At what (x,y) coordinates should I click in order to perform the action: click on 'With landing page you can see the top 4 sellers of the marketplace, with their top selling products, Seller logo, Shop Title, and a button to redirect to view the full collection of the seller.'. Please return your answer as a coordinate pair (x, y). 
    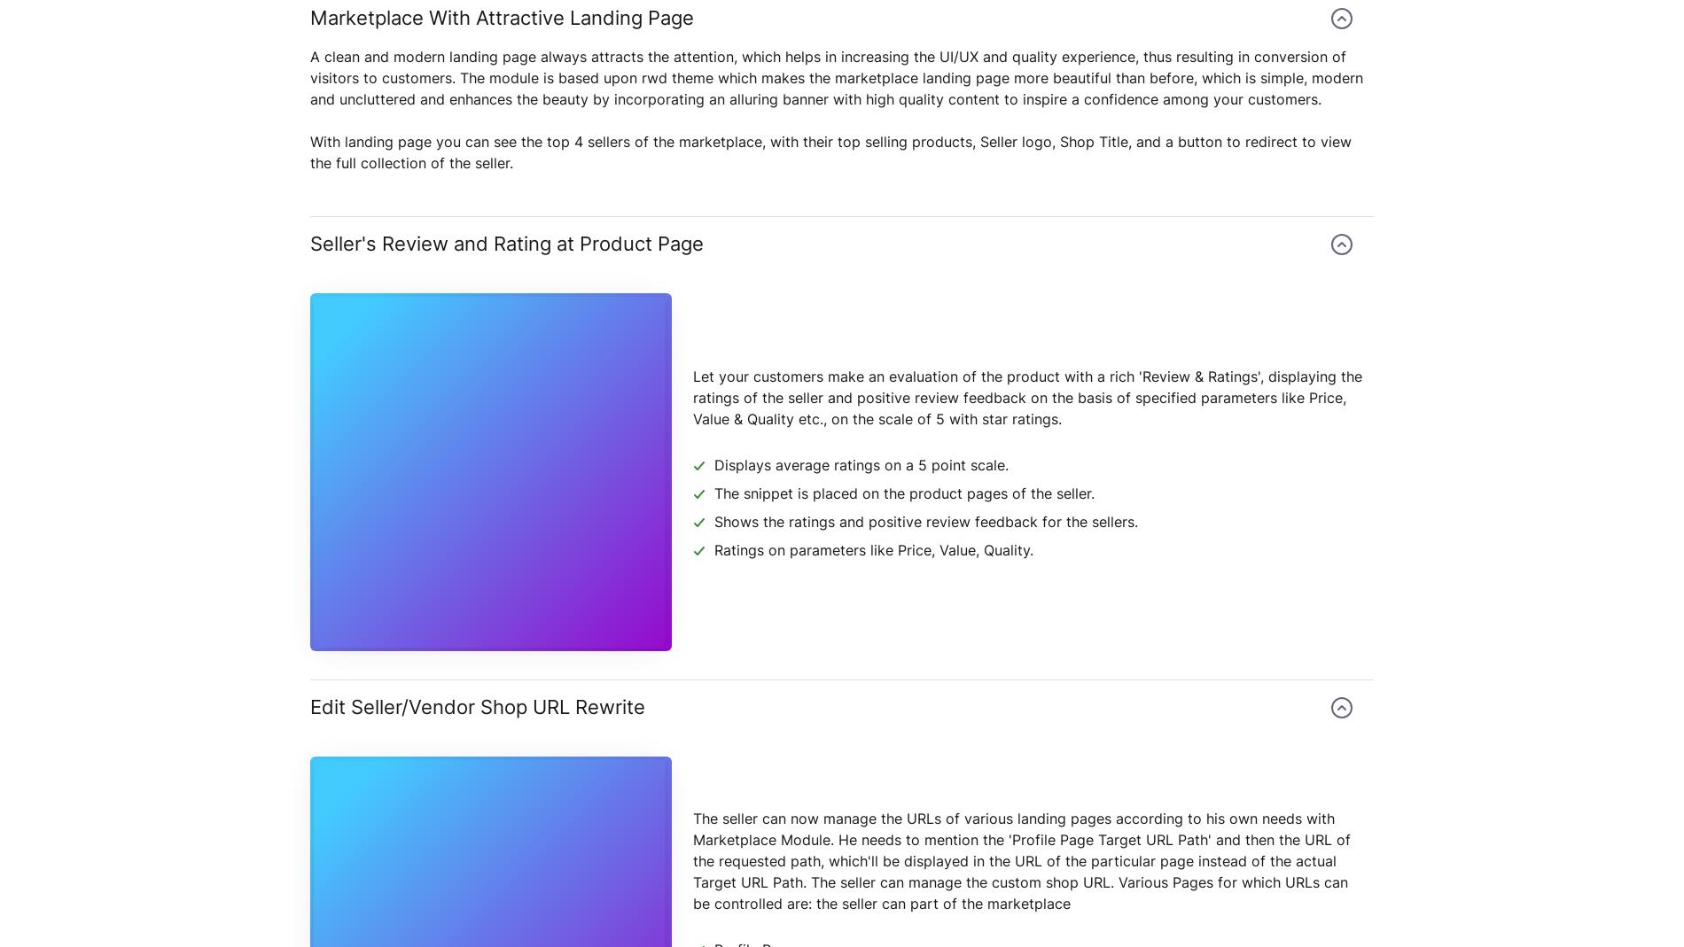
    Looking at the image, I should click on (830, 152).